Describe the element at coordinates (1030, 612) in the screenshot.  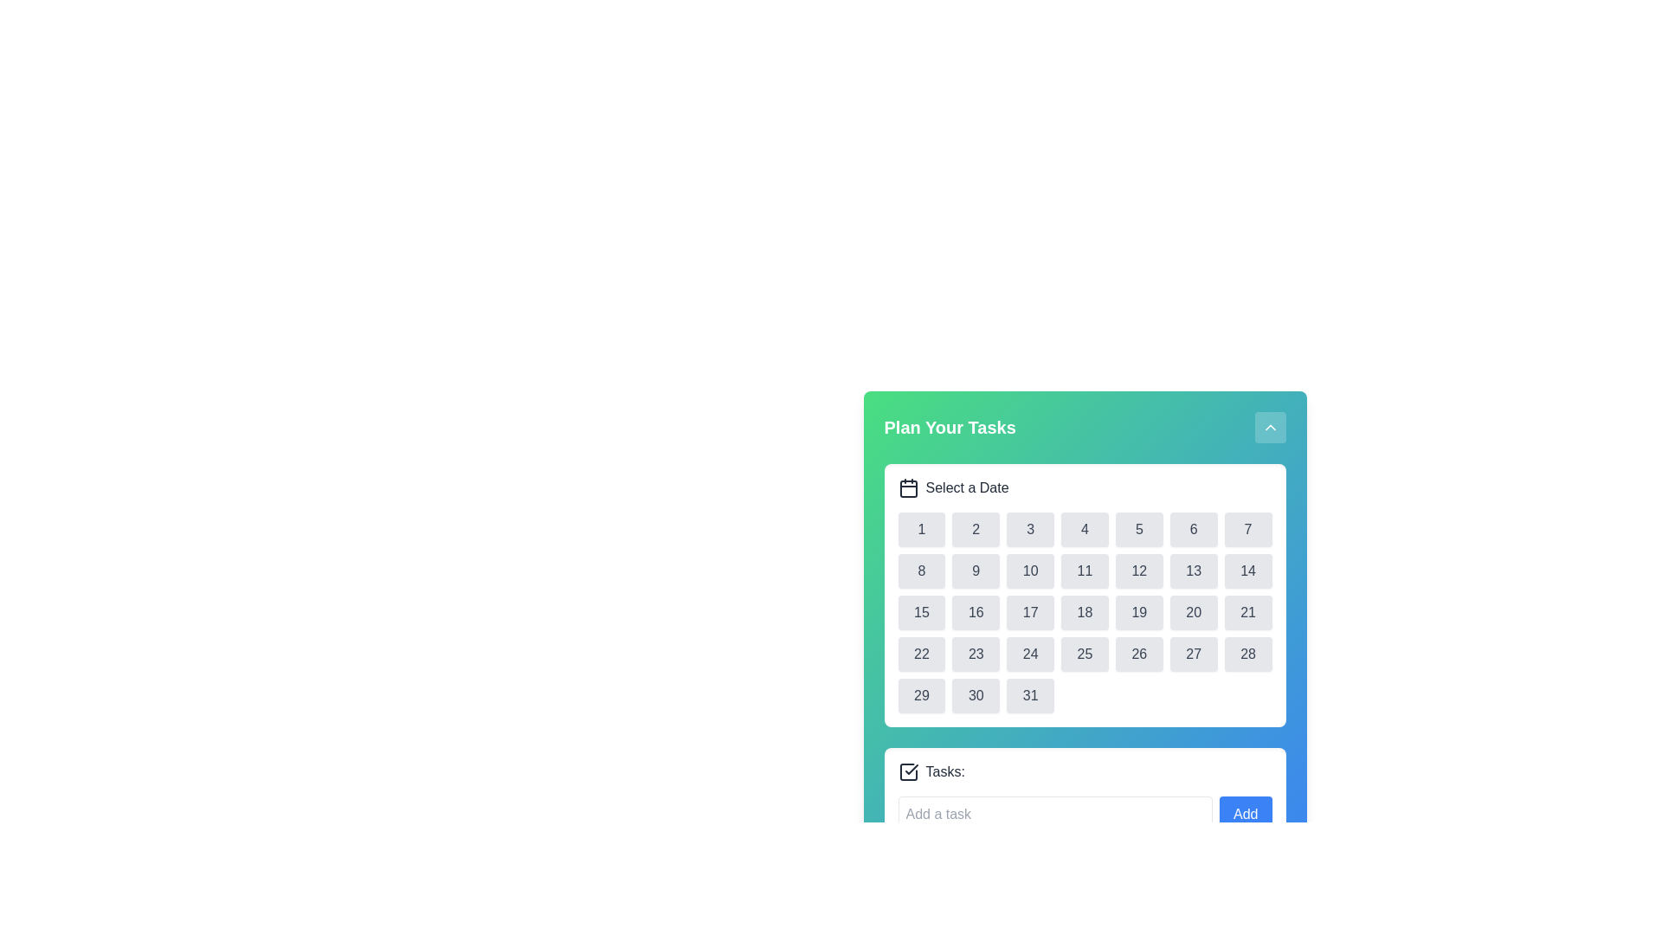
I see `the rounded rectangular button labeled '17'` at that location.